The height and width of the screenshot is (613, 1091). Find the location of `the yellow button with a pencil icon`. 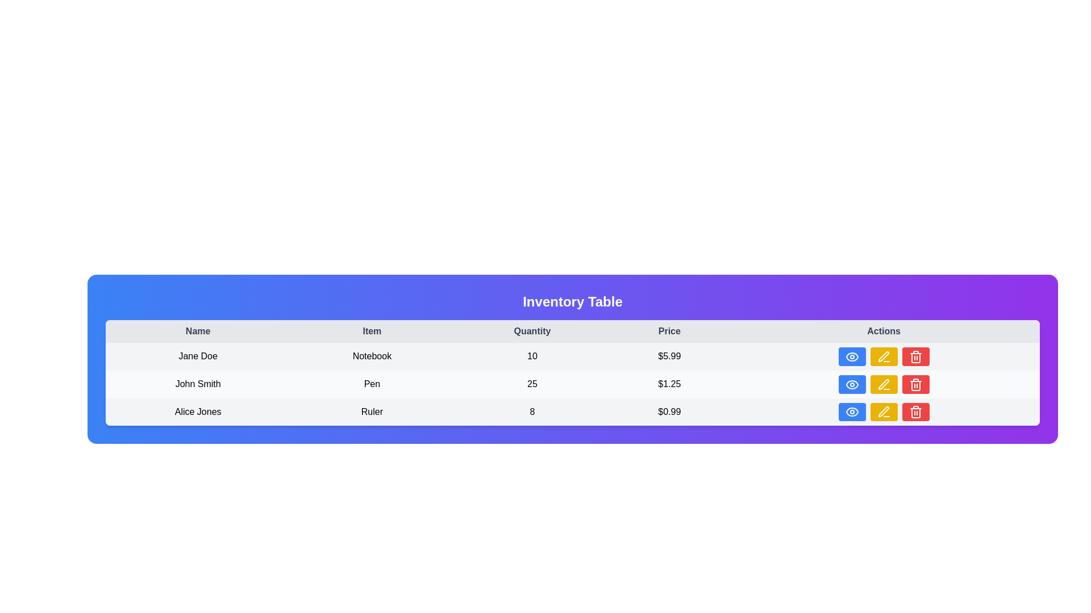

the yellow button with a pencil icon is located at coordinates (883, 356).